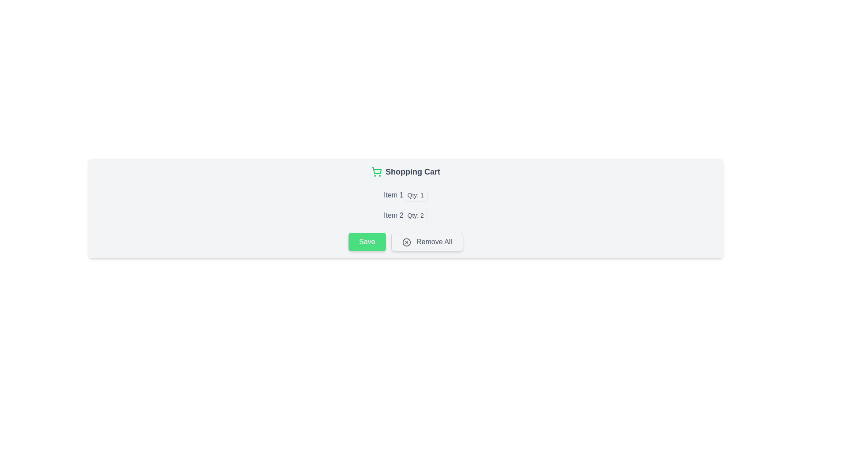 This screenshot has height=476, width=847. What do you see at coordinates (415, 216) in the screenshot?
I see `quantity displayed in the text label showing 'Qty: 2', which is positioned to the right of the 'Item 2' label in the shopping cart section` at bounding box center [415, 216].